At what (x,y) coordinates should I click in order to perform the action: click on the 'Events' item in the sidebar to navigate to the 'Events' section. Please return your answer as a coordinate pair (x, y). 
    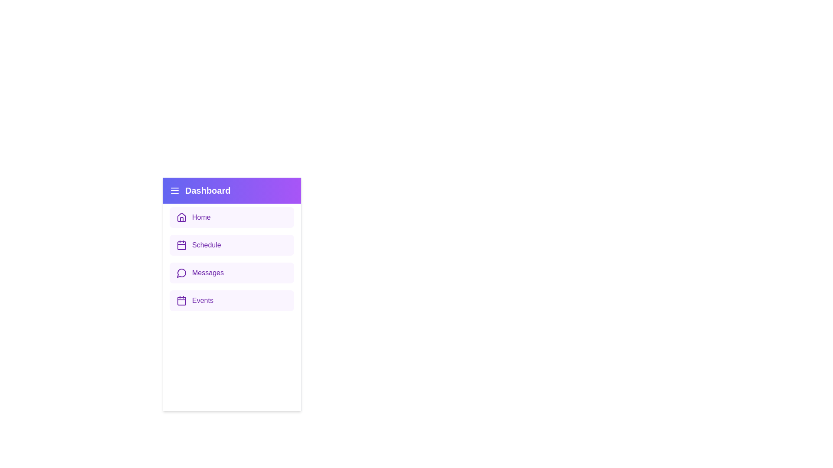
    Looking at the image, I should click on (232, 300).